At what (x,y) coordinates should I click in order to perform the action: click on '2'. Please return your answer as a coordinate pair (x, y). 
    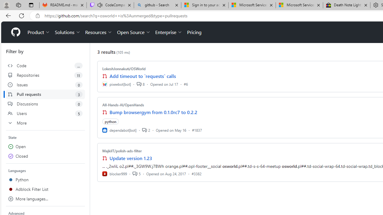
    Looking at the image, I should click on (146, 130).